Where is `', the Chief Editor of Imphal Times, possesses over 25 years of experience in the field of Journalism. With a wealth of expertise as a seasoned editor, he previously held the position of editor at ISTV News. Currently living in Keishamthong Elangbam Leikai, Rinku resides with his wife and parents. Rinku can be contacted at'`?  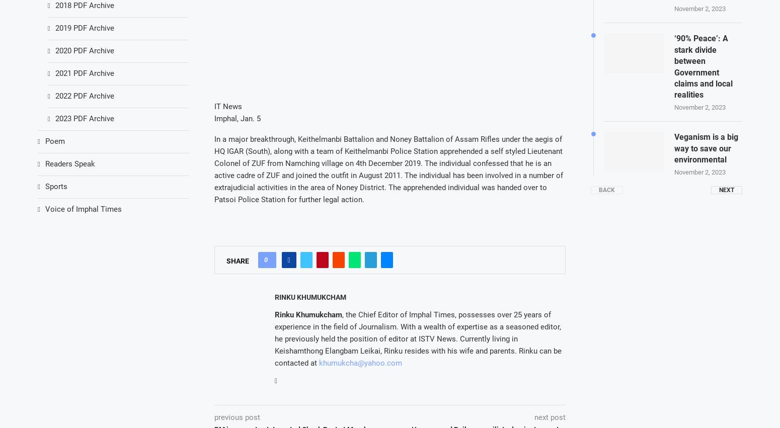 ', the Chief Editor of Imphal Times, possesses over 25 years of experience in the field of Journalism. With a wealth of expertise as a seasoned editor, he previously held the position of editor at ISTV News. Currently living in Keishamthong Elangbam Leikai, Rinku resides with his wife and parents. Rinku can be contacted at' is located at coordinates (417, 338).